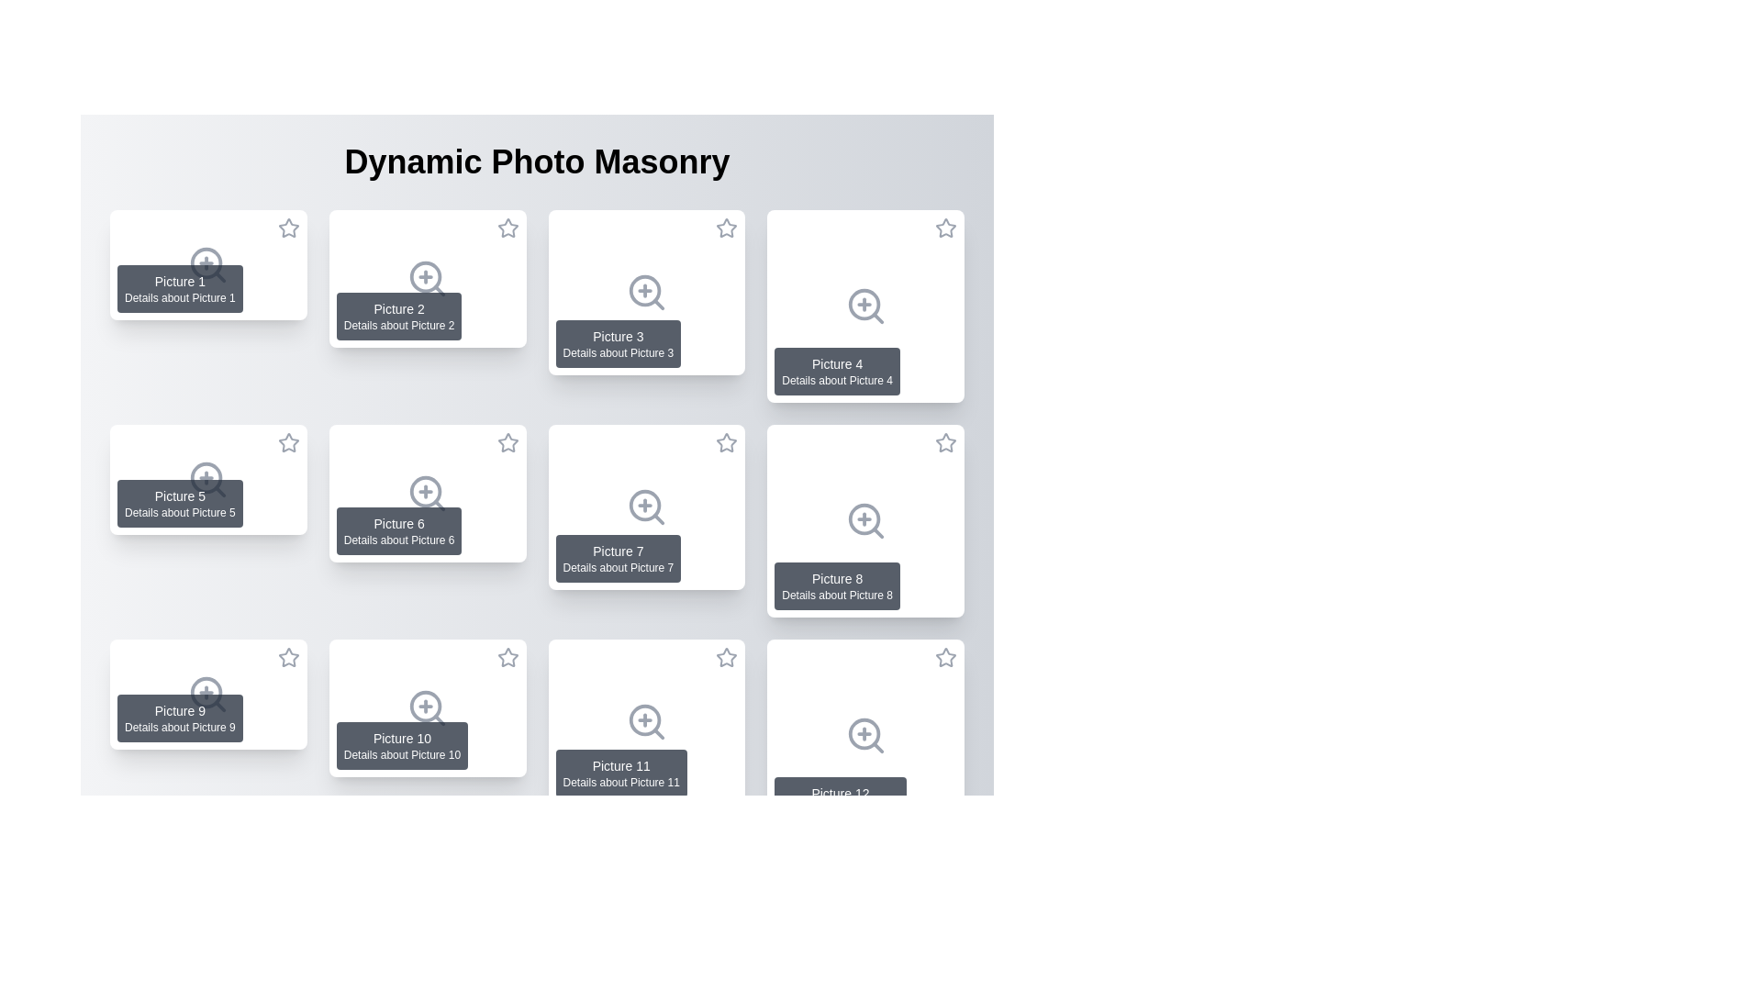 Image resolution: width=1762 pixels, height=991 pixels. What do you see at coordinates (287, 442) in the screenshot?
I see `the star icon located in the top-right corner of the card labeled 'Picture 5' in the second row of the layout to mark it as 'favorite' or 'important'` at bounding box center [287, 442].